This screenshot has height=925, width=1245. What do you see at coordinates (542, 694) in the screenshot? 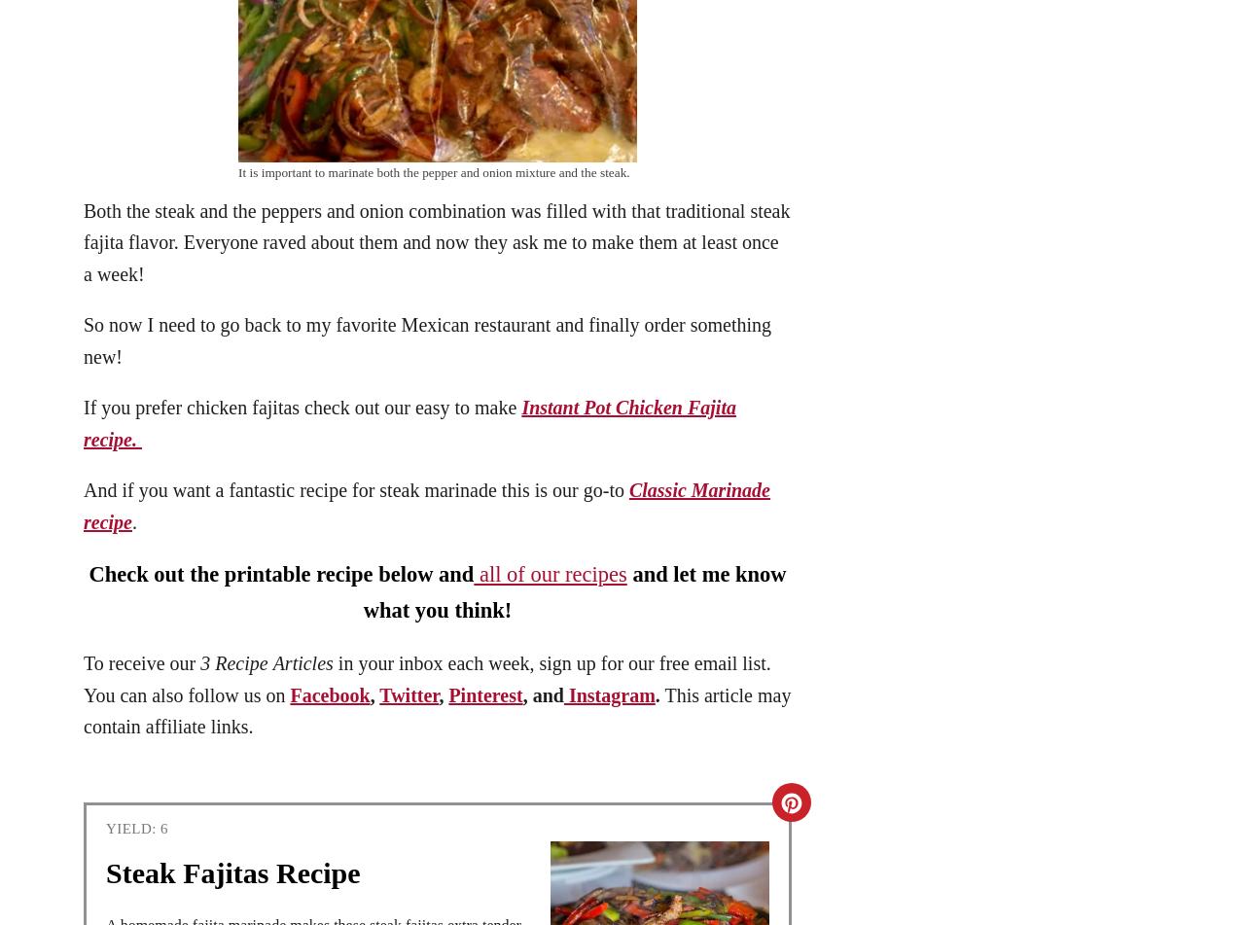
I see `', and'` at bounding box center [542, 694].